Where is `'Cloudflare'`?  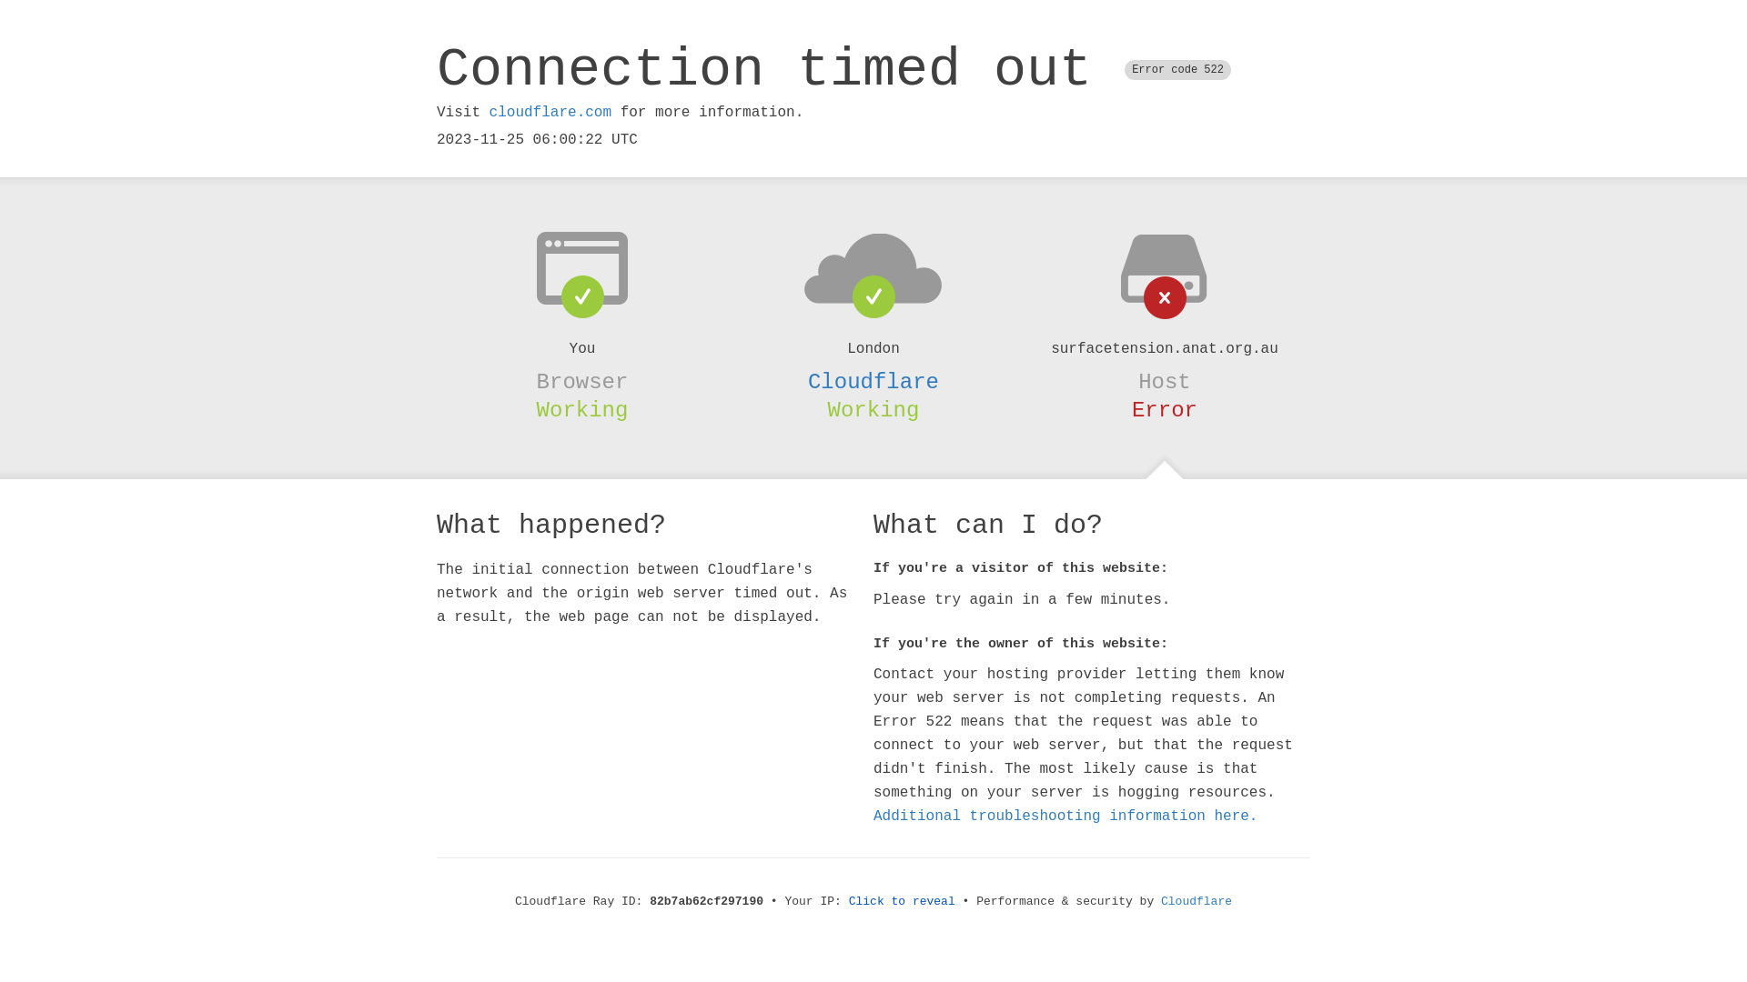
'Cloudflare' is located at coordinates (1160, 901).